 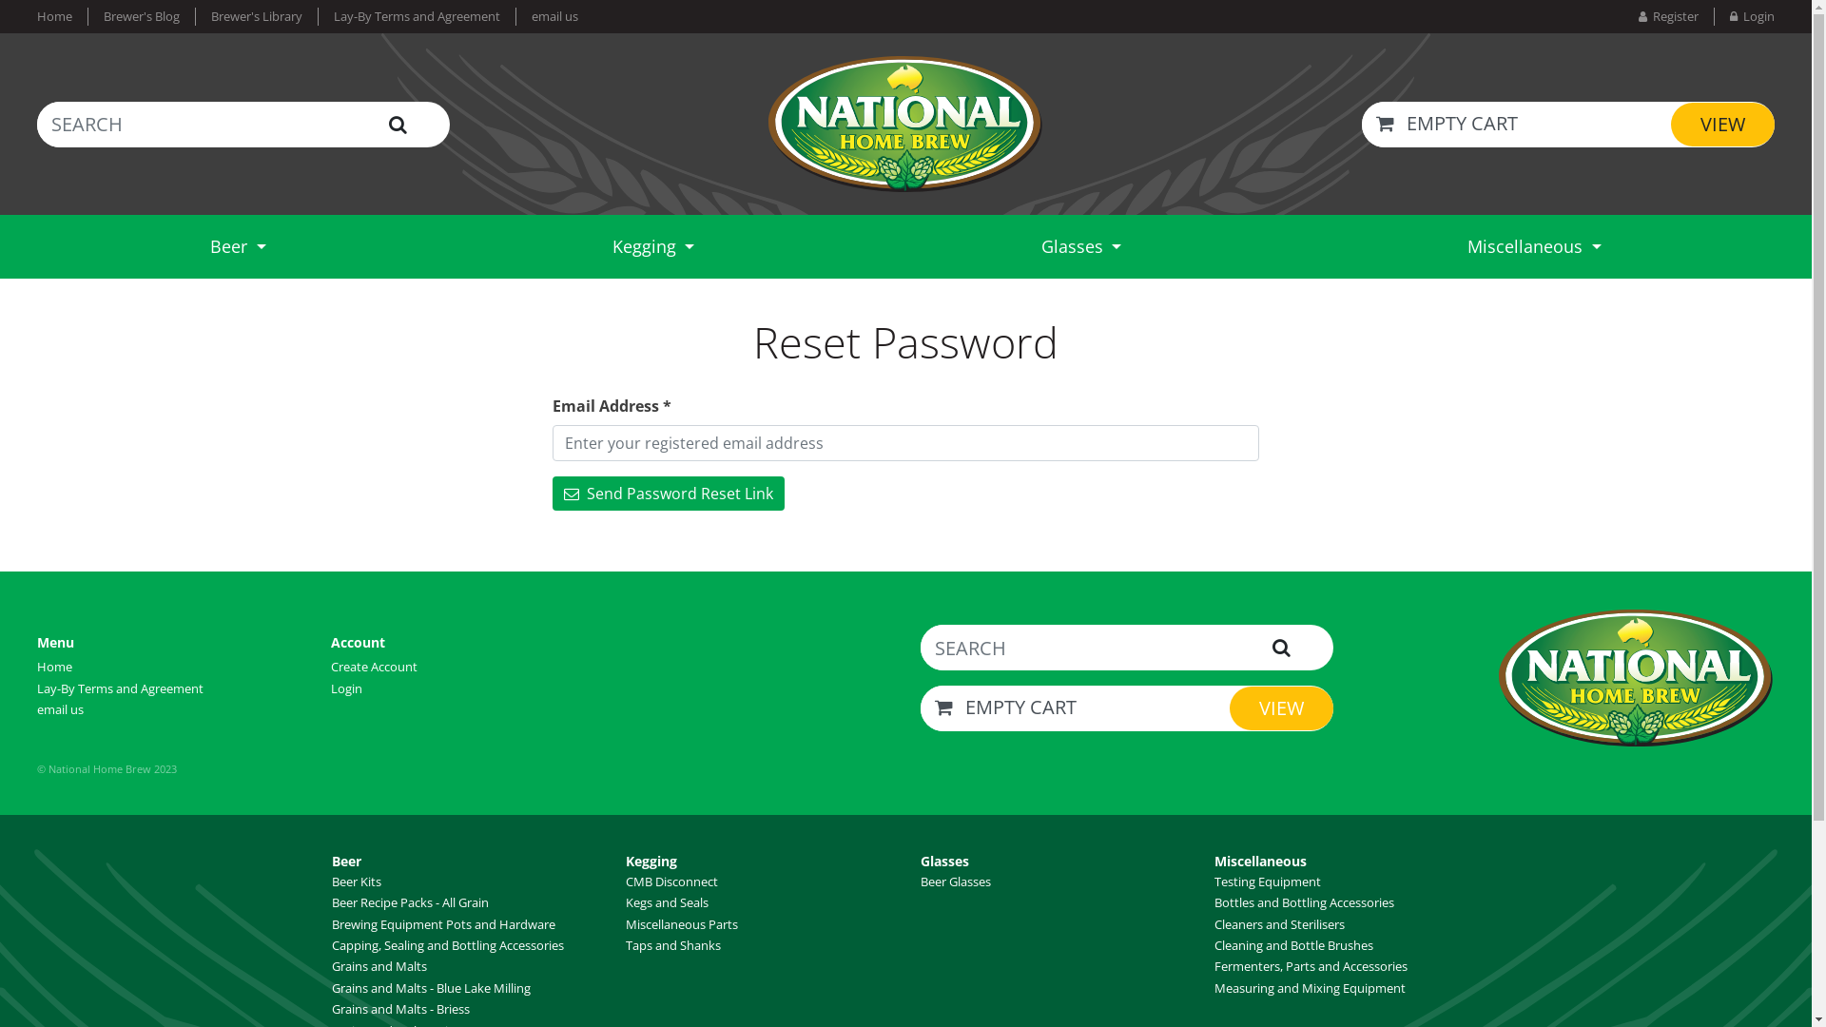 I want to click on 'Home', so click(x=36, y=16).